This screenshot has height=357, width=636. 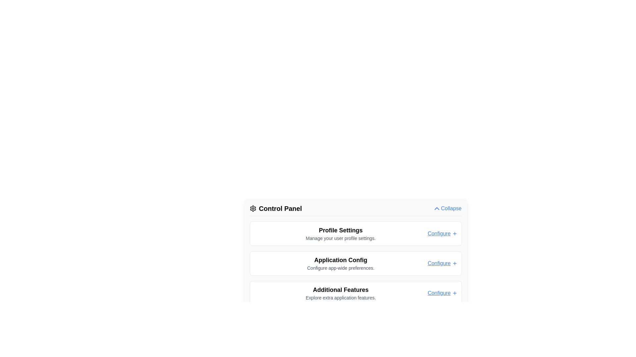 I want to click on the small plus icon located to the right of the 'Configure' text in the 'Application Config' row, so click(x=454, y=263).